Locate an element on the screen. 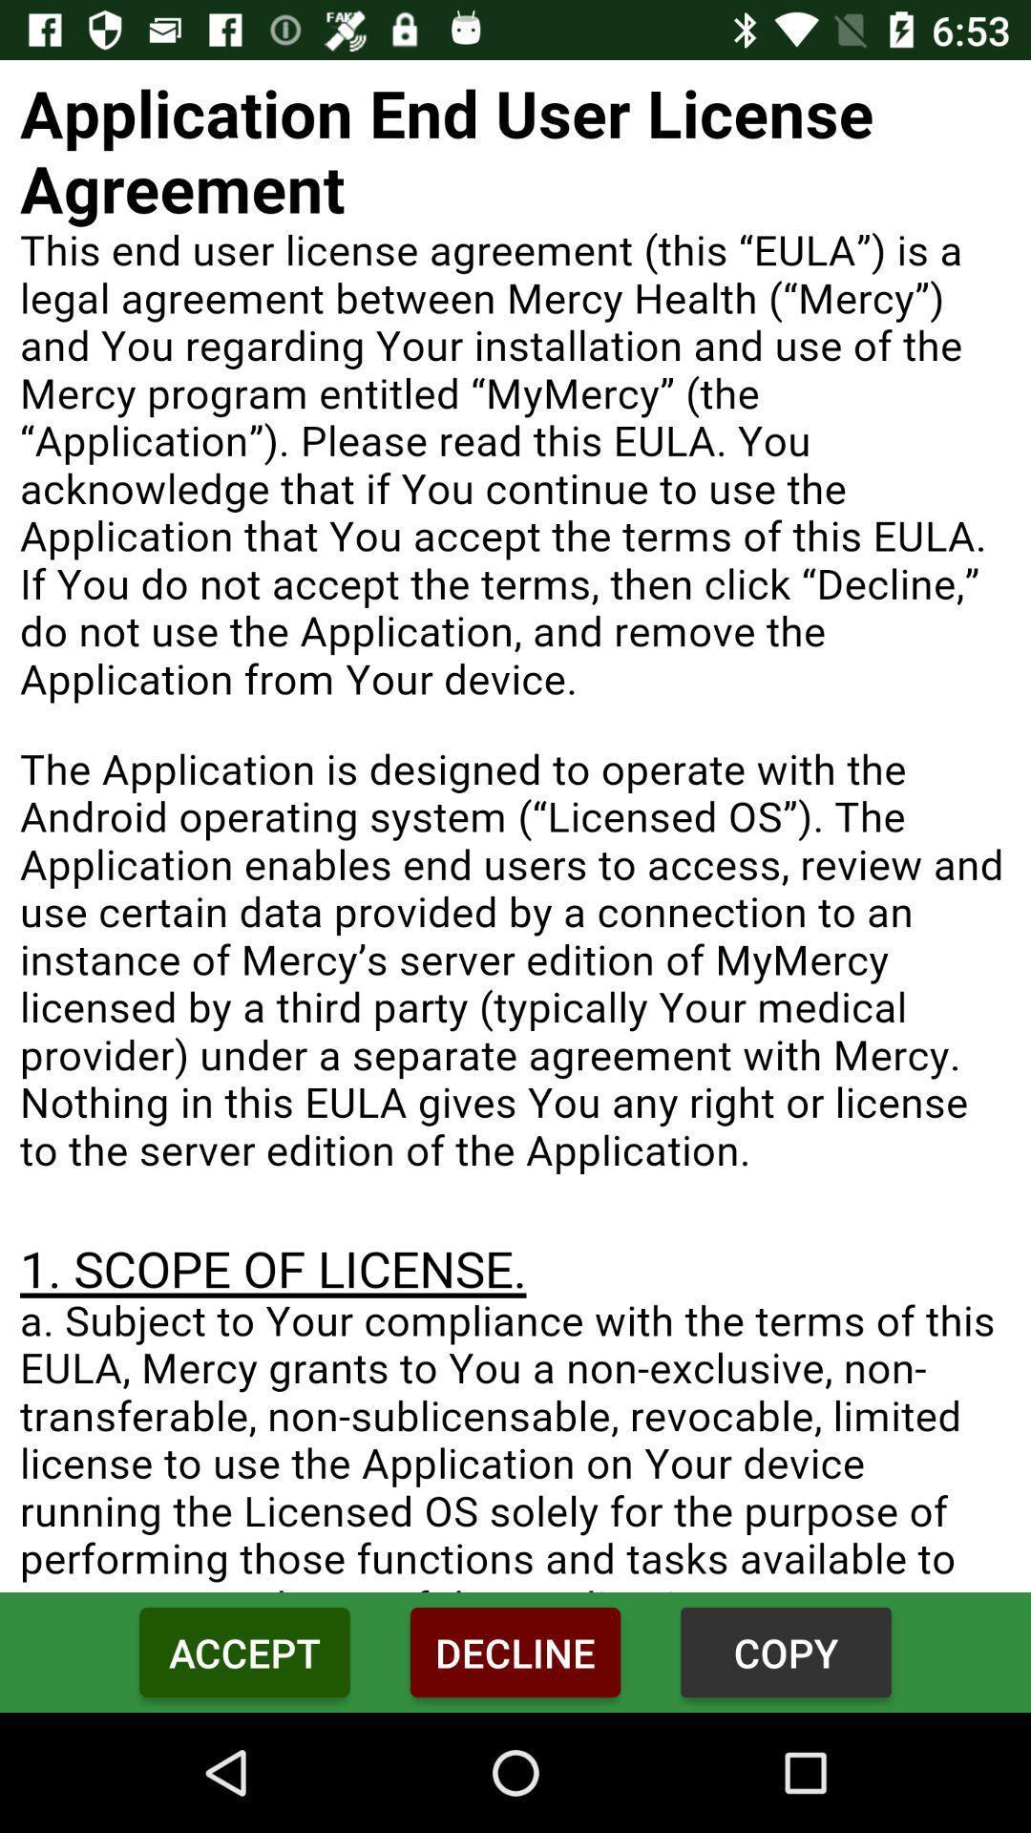 The image size is (1031, 1833). scroll through agreement is located at coordinates (515, 826).